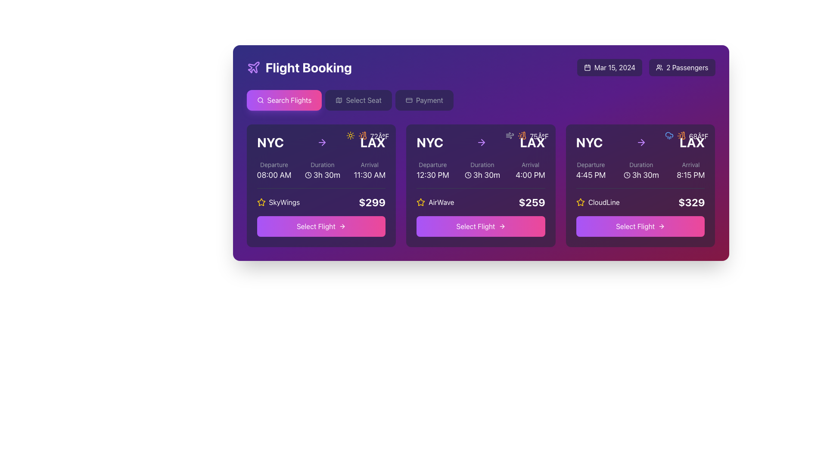  Describe the element at coordinates (483, 142) in the screenshot. I see `the right-pointing arrow icon located within the second flight card, which is positioned between the 'NYC' and 'LAX' text` at that location.